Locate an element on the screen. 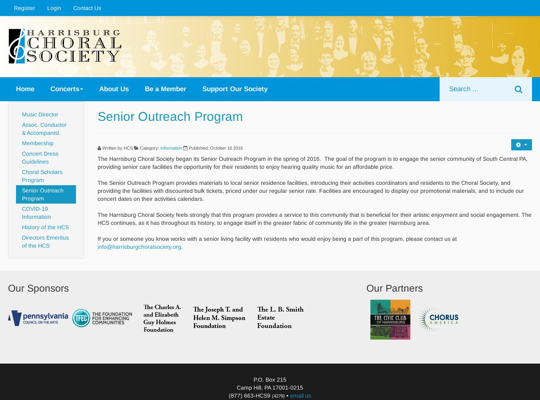 The height and width of the screenshot is (400, 540). 'Music Director' is located at coordinates (21, 114).